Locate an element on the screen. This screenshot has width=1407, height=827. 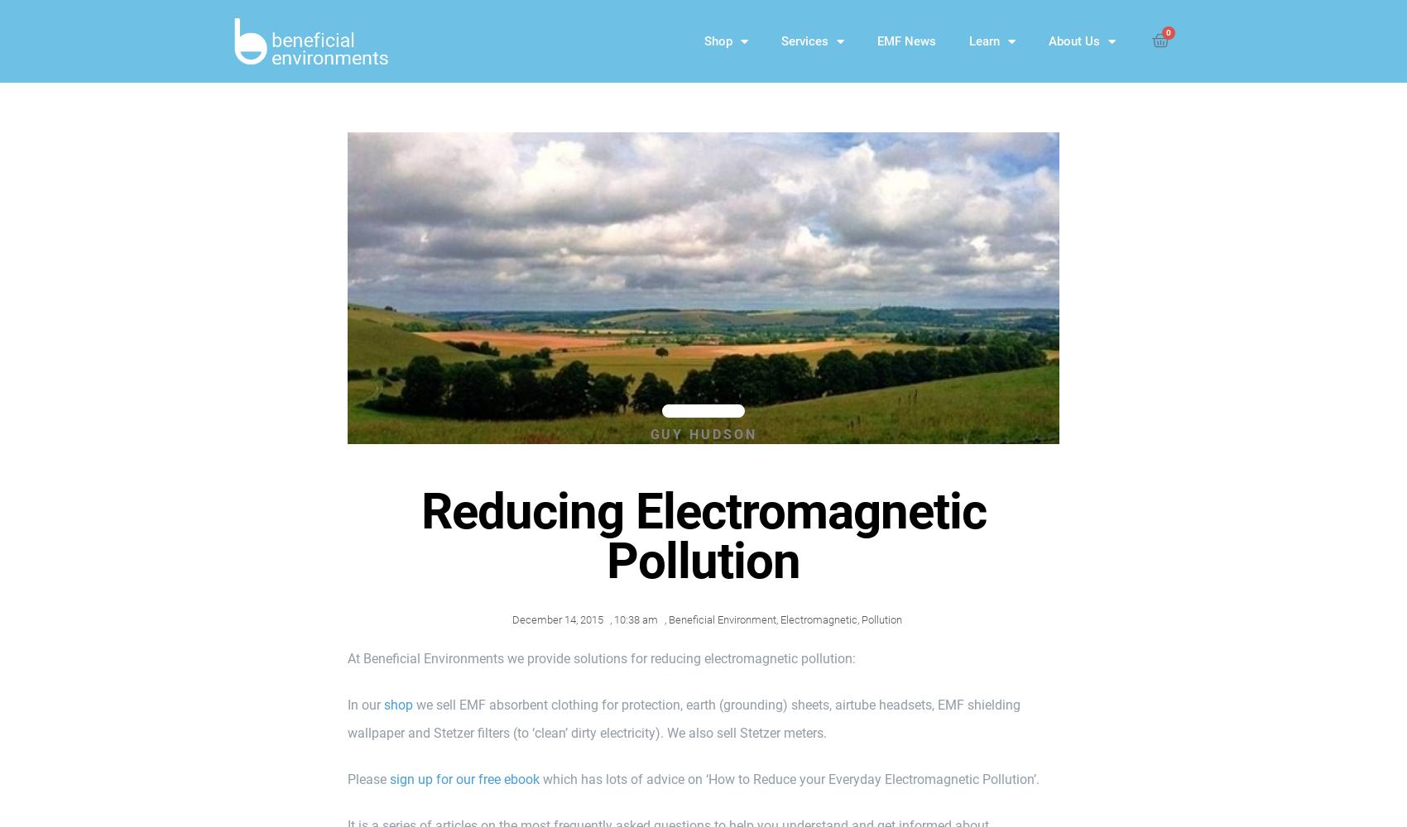
'0' is located at coordinates (1168, 32).